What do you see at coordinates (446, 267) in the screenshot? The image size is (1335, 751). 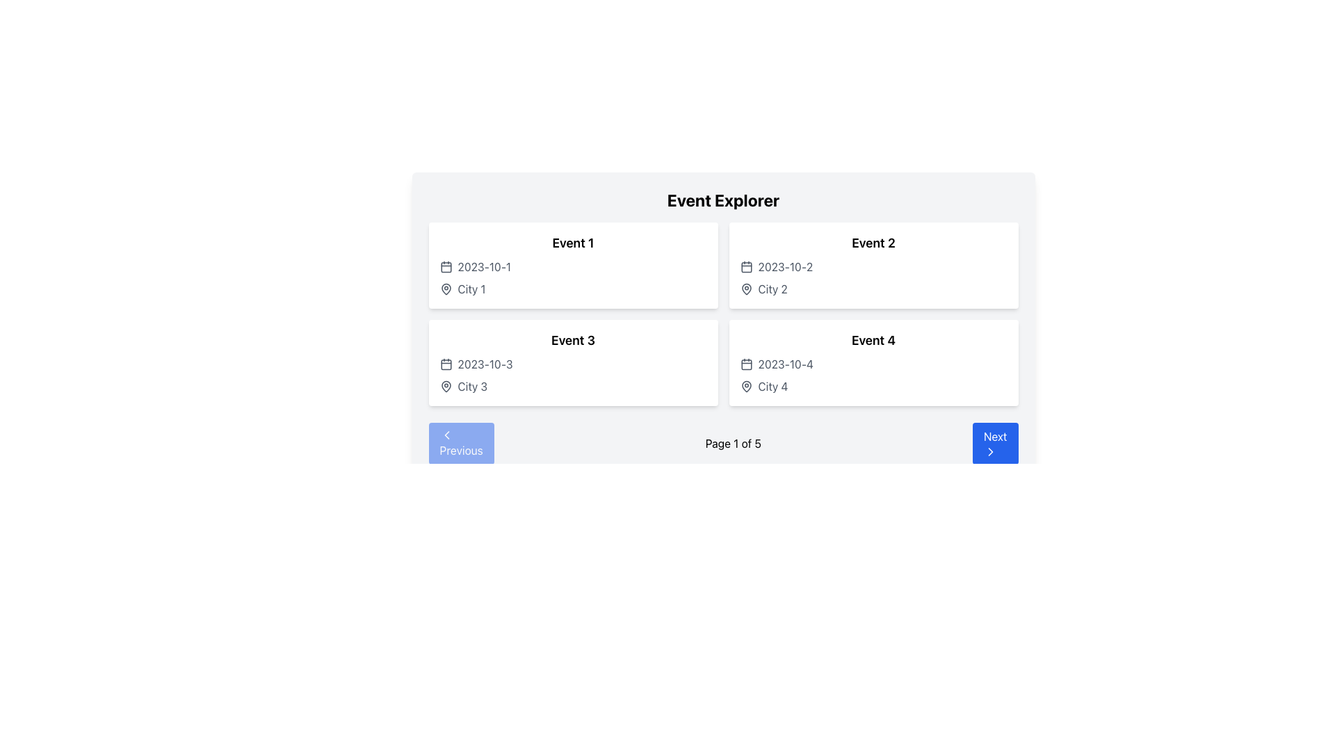 I see `the square-shaped graphical icon component with rounded corners, filled with red color, located within the calendar icon of 'Event 1'` at bounding box center [446, 267].